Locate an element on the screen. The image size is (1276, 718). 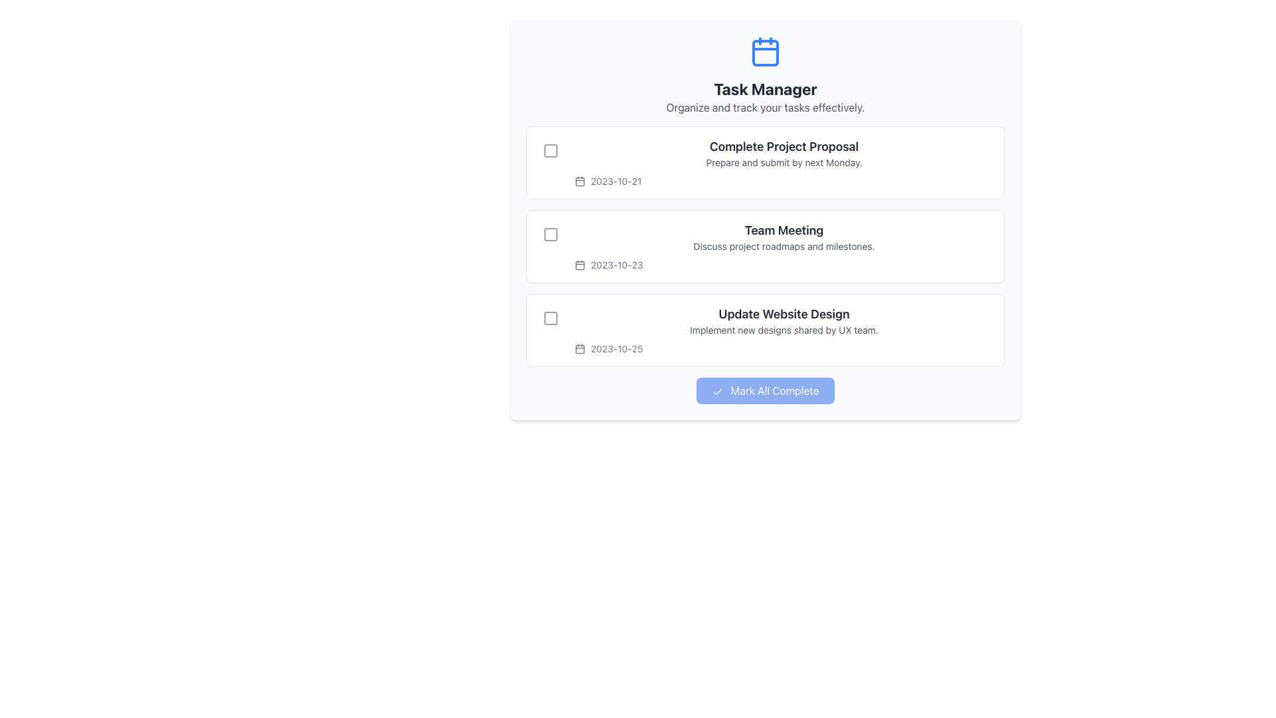
the graphical icon element resembling a calendar, located in the first task item labeled 'Complete Project Proposal' in the Task Manager interface is located at coordinates (580, 181).